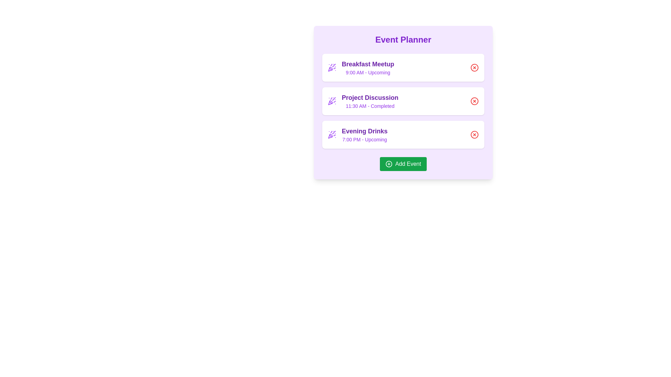  I want to click on remove button for the event titled Project Discussion, so click(475, 101).